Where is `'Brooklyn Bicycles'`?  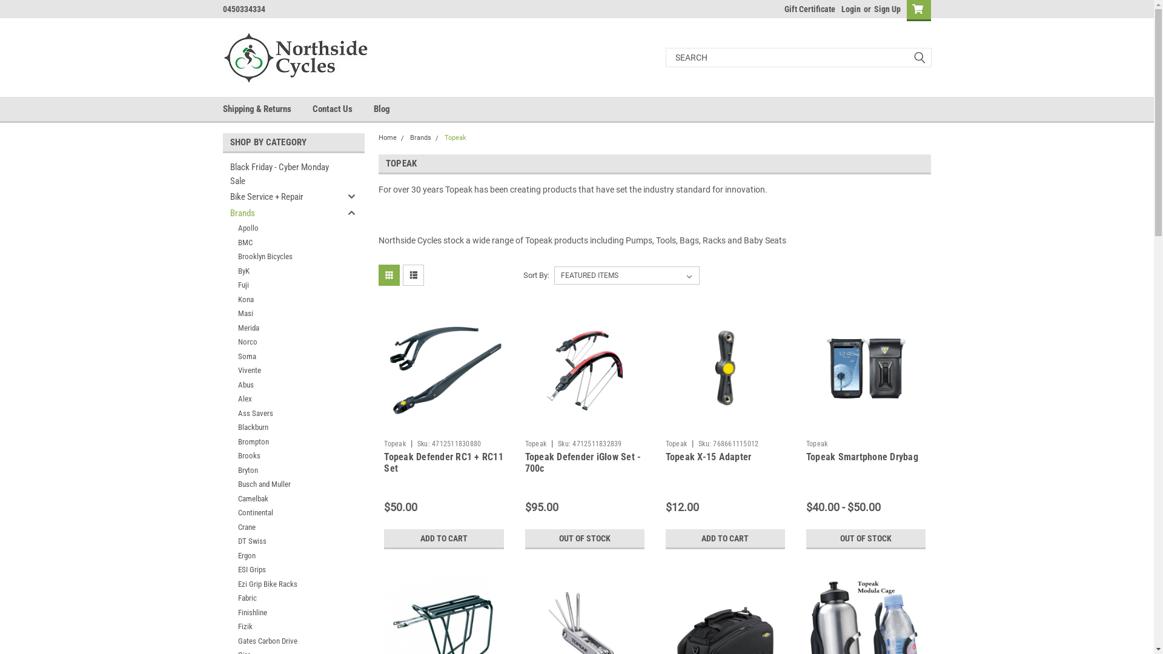 'Brooklyn Bicycles' is located at coordinates (282, 256).